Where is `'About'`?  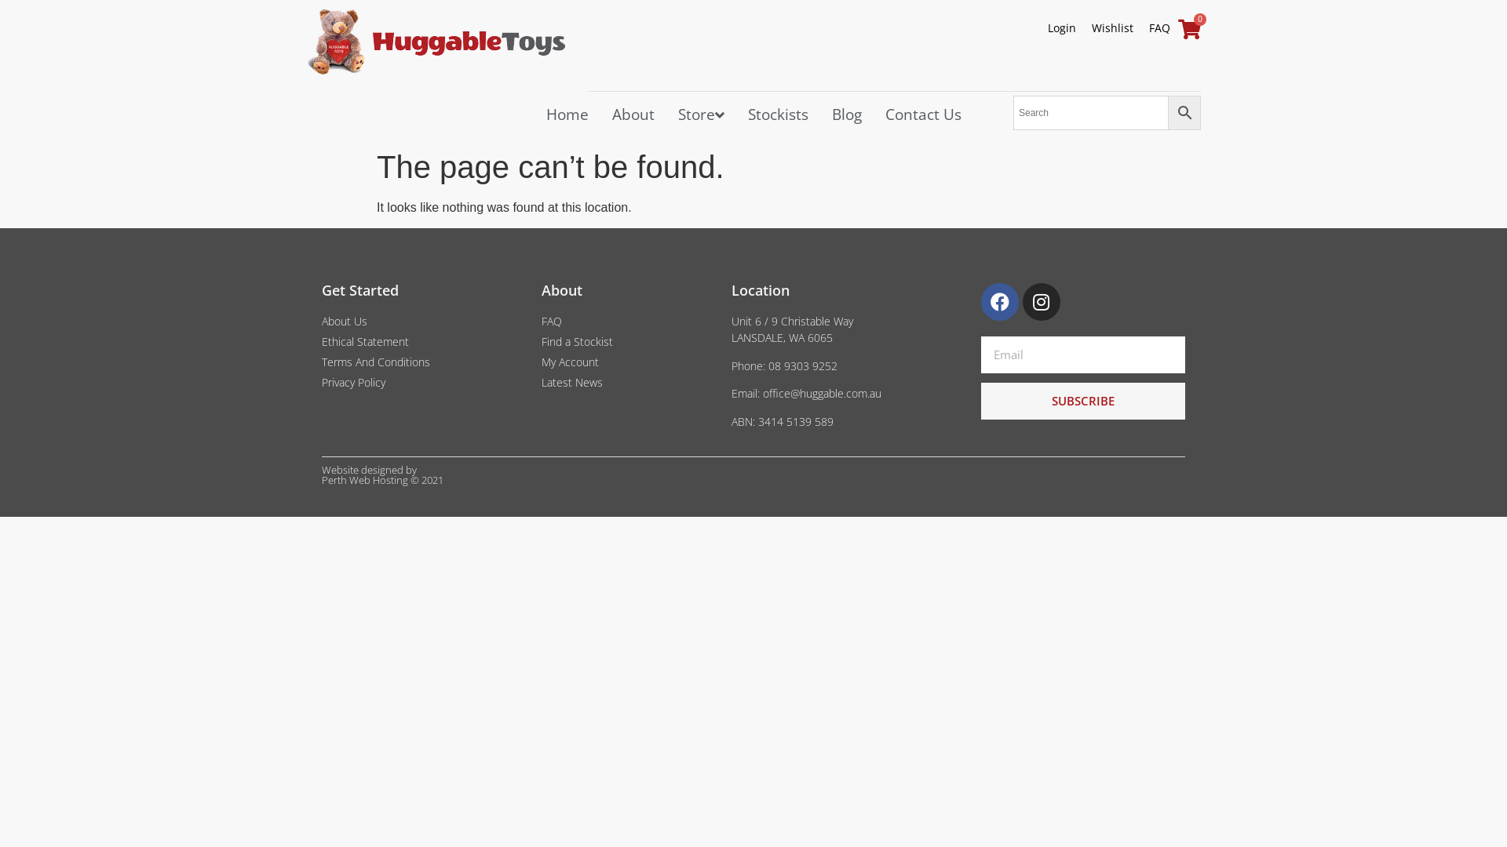
'About' is located at coordinates (633, 114).